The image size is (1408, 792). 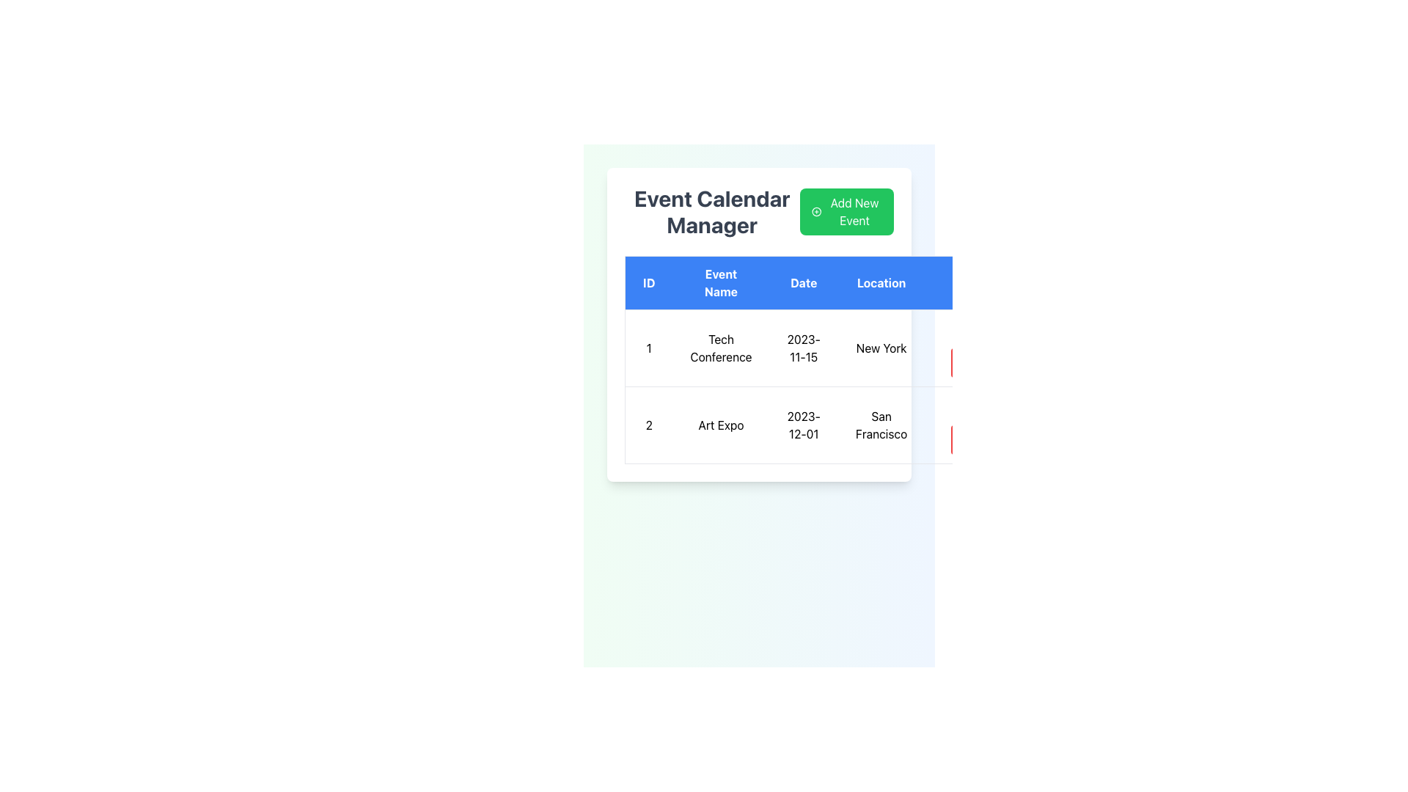 What do you see at coordinates (721, 348) in the screenshot?
I see `the static text label displaying 'Tech Conference' located in the second column of the first row of the table in the 'Event Calendar Manager' interface` at bounding box center [721, 348].